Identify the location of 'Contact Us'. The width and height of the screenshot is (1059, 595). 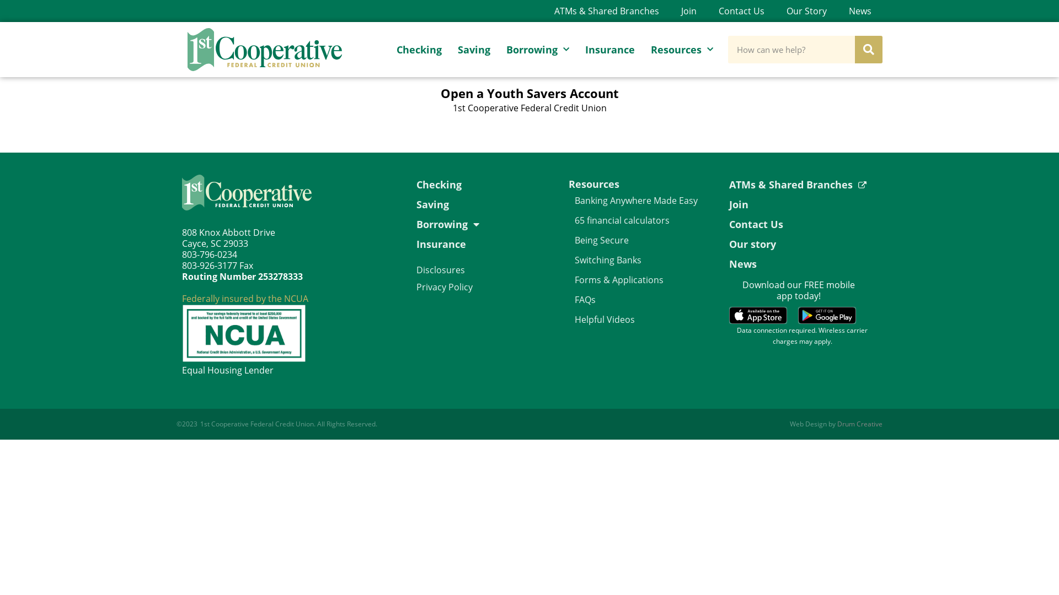
(741, 10).